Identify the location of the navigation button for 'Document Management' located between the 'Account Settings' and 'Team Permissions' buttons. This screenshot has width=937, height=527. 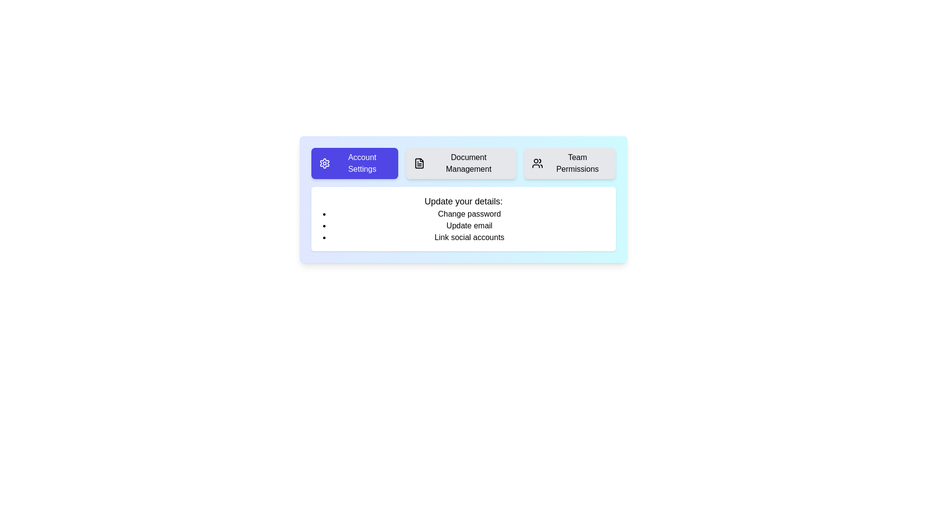
(463, 163).